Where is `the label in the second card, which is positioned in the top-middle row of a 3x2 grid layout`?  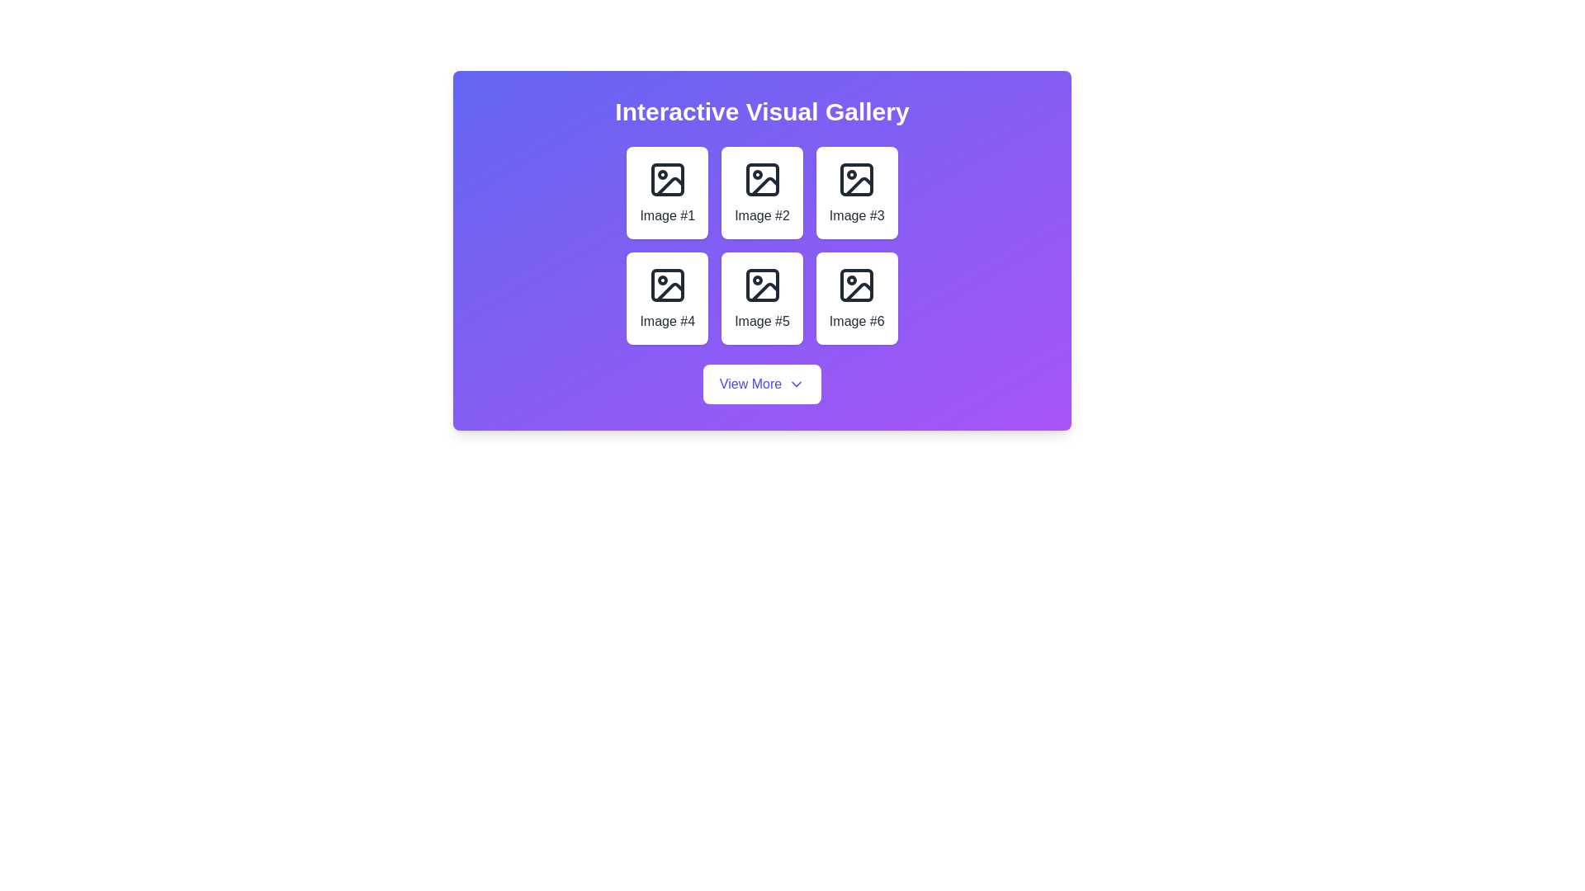
the label in the second card, which is positioned in the top-middle row of a 3x2 grid layout is located at coordinates (761, 215).